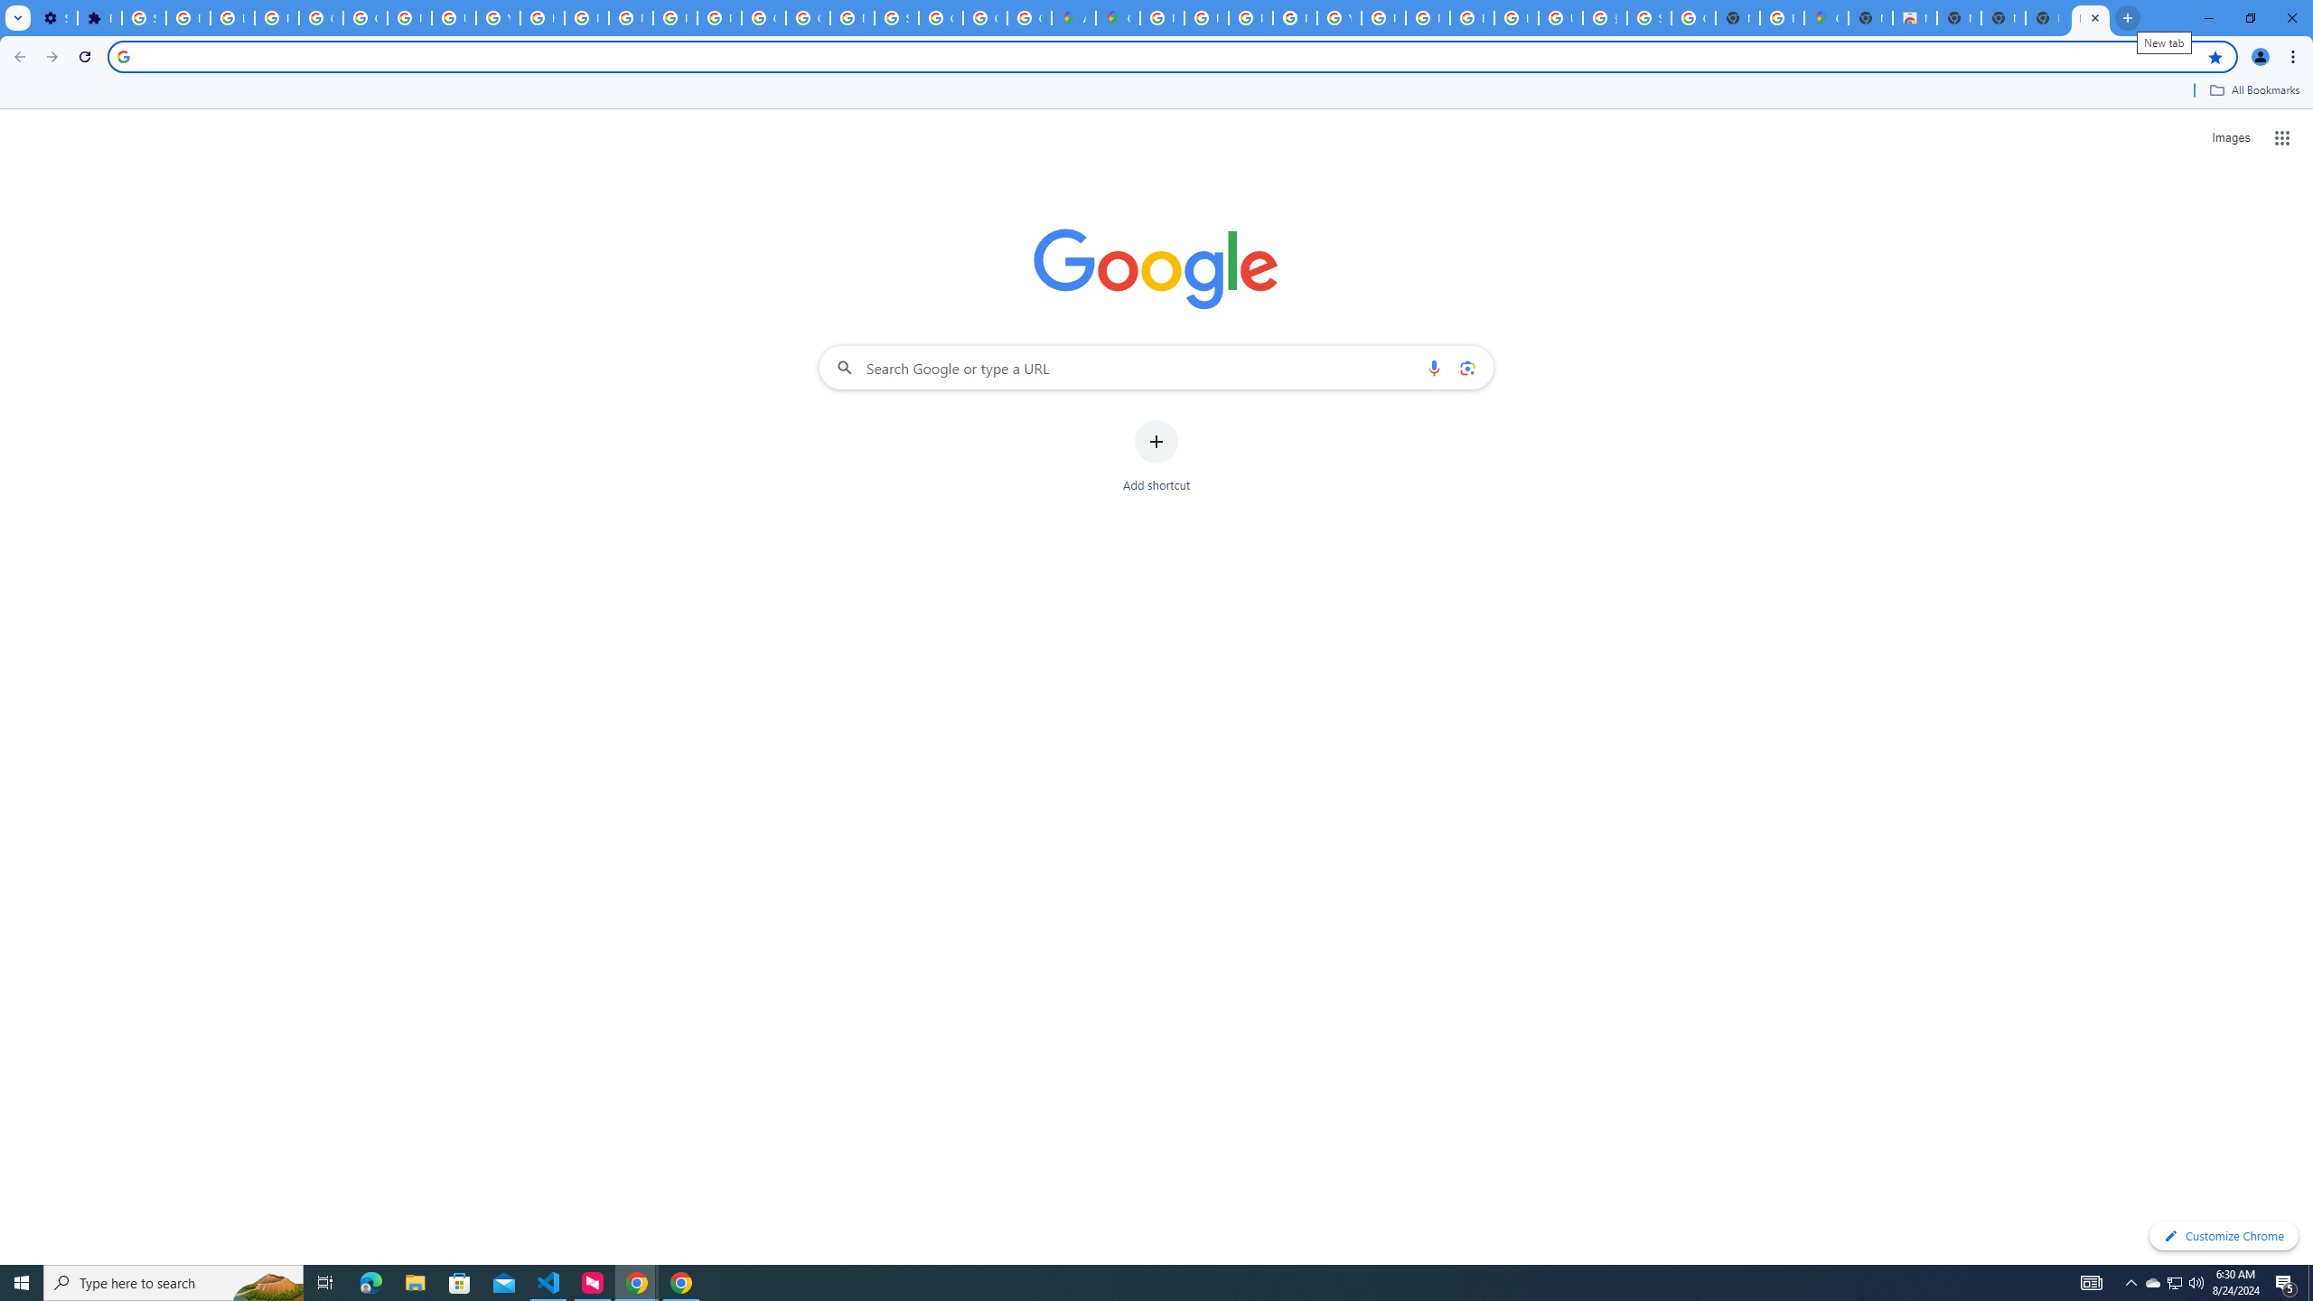 The image size is (2313, 1301). Describe the element at coordinates (2253, 89) in the screenshot. I see `'All Bookmarks'` at that location.